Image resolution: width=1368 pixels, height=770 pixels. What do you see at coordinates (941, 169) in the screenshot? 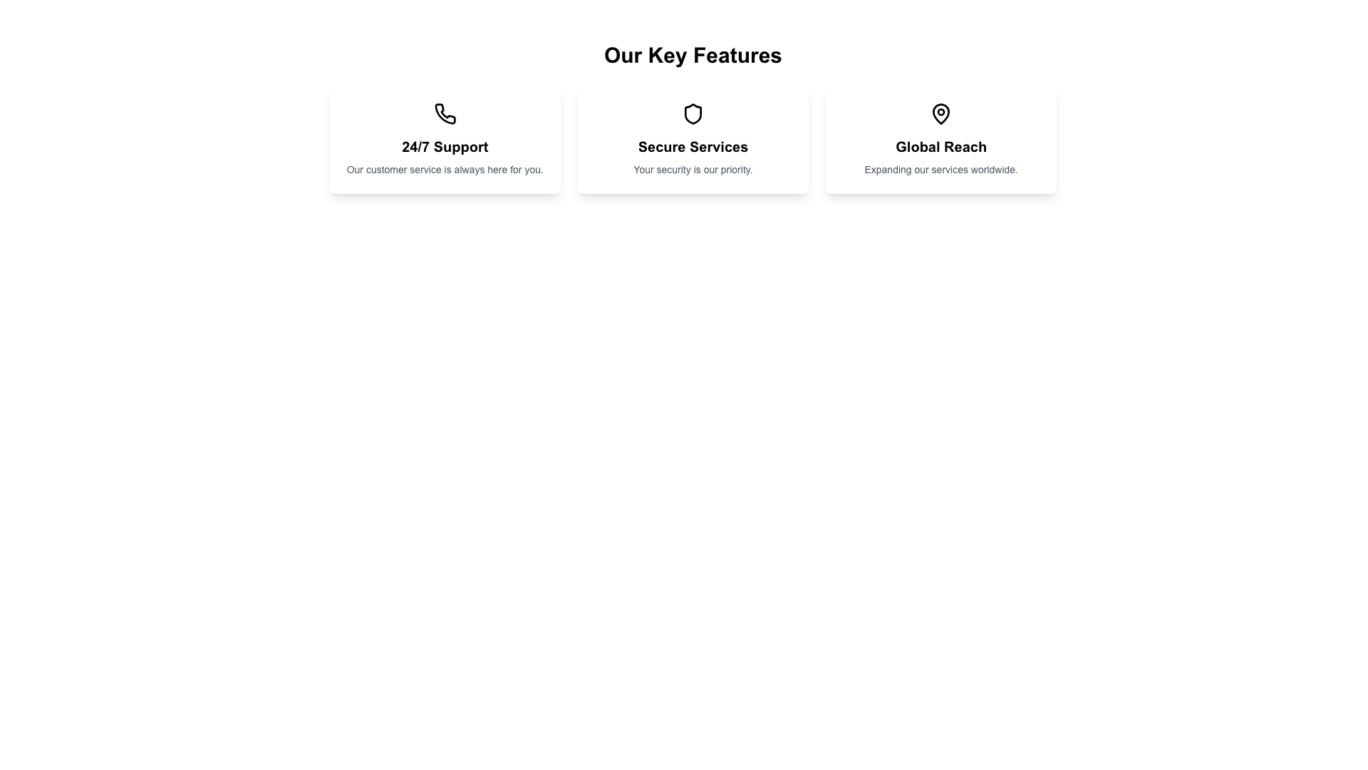
I see `the text label displaying 'Expanding our services worldwide.' which is centrally aligned below the 'Global Reach' heading and location pin icon` at bounding box center [941, 169].